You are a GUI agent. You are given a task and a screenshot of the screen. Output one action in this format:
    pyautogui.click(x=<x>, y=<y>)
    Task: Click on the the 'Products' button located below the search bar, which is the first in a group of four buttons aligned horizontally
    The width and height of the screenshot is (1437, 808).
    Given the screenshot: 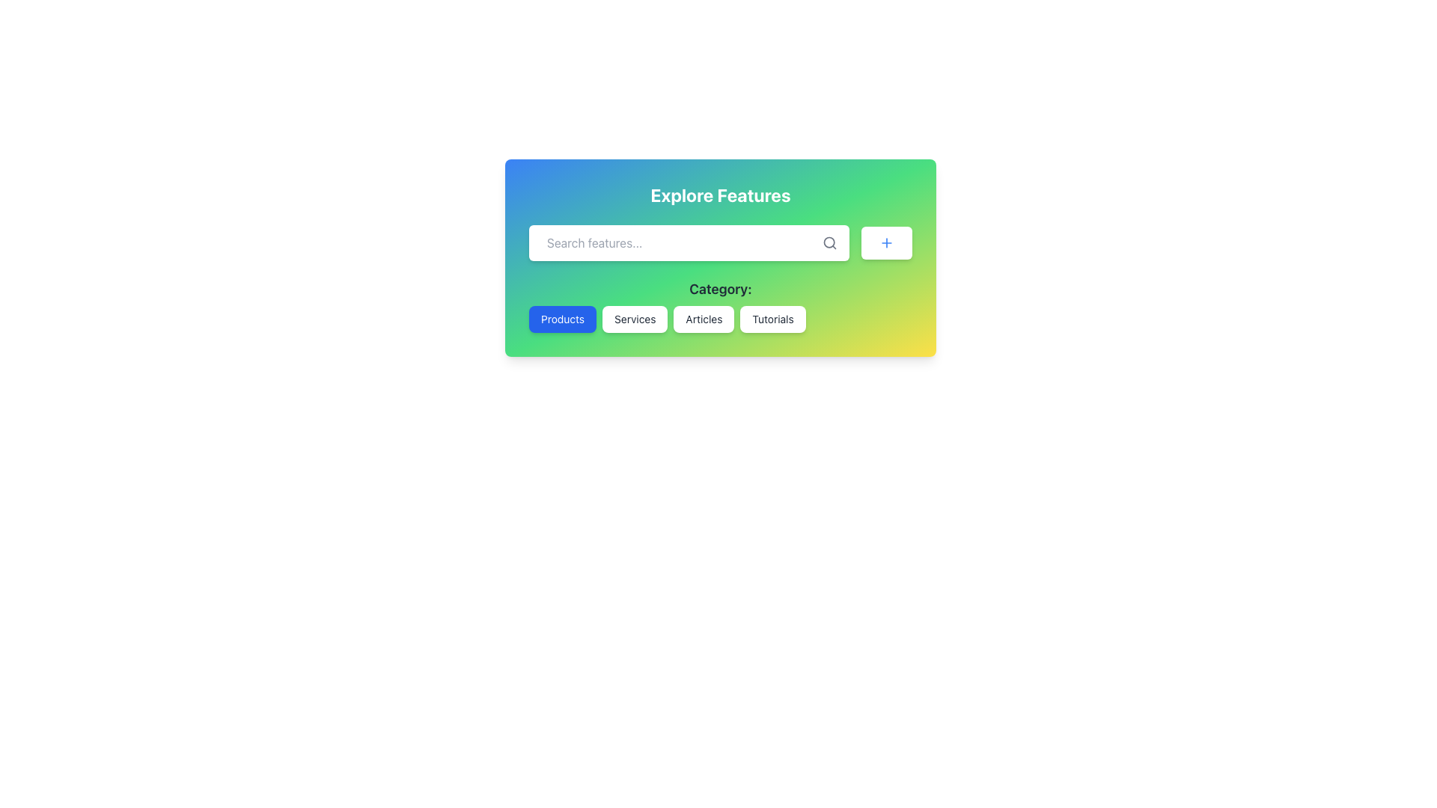 What is the action you would take?
    pyautogui.click(x=562, y=319)
    